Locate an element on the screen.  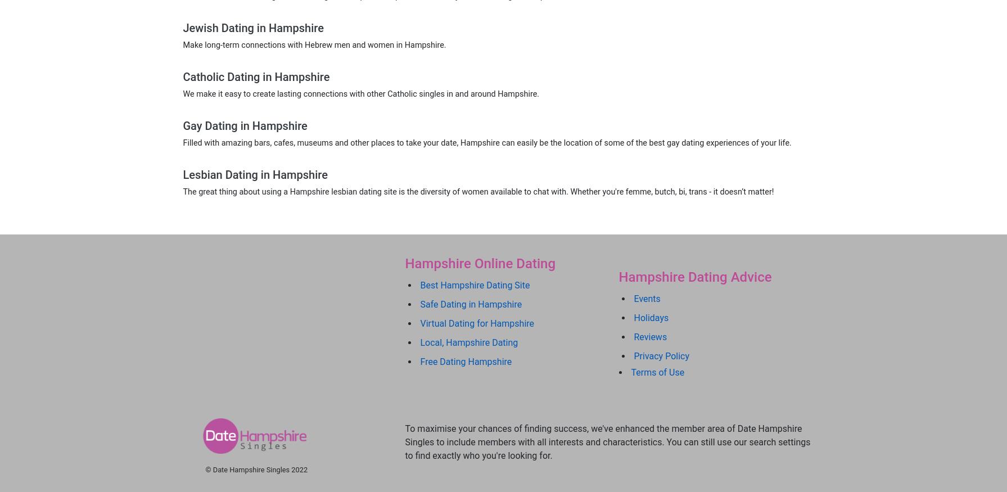
'Terms of Use' is located at coordinates (657, 372).